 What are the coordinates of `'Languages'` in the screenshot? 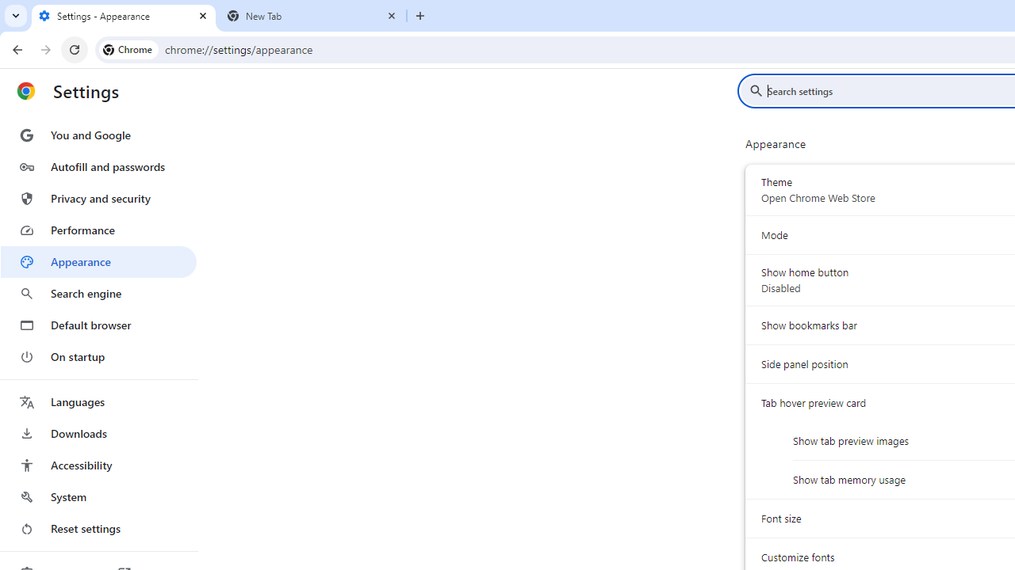 It's located at (98, 401).